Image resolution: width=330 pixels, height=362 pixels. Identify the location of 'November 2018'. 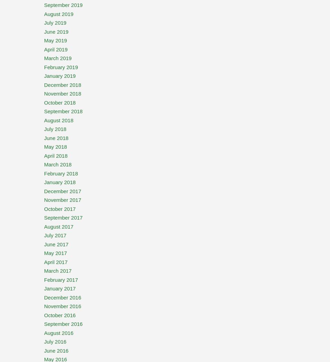
(63, 93).